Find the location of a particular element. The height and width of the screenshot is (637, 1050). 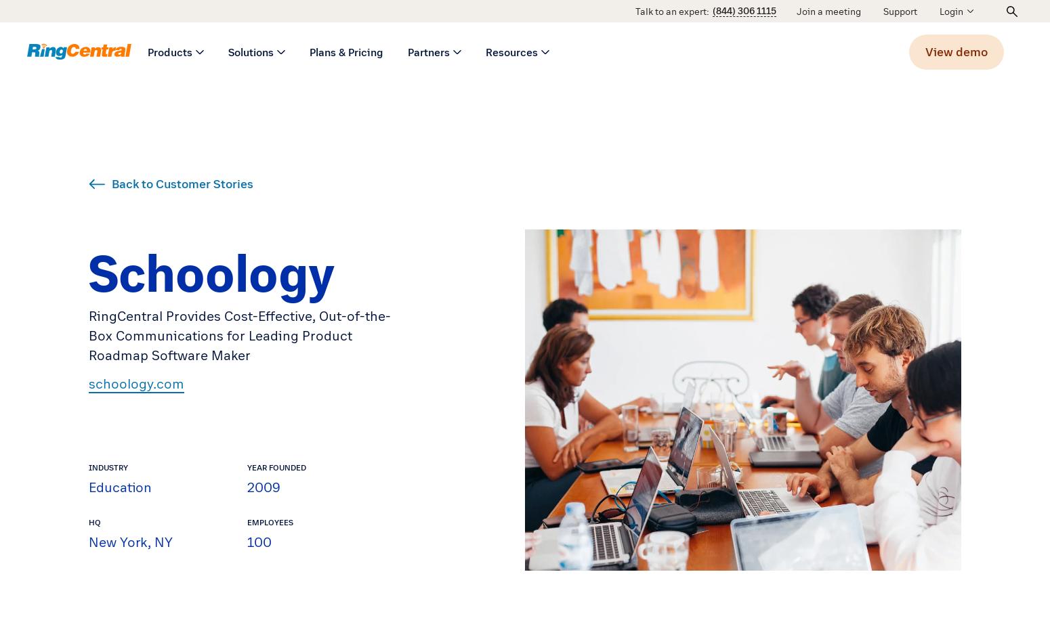

'Year founded' is located at coordinates (247, 466).